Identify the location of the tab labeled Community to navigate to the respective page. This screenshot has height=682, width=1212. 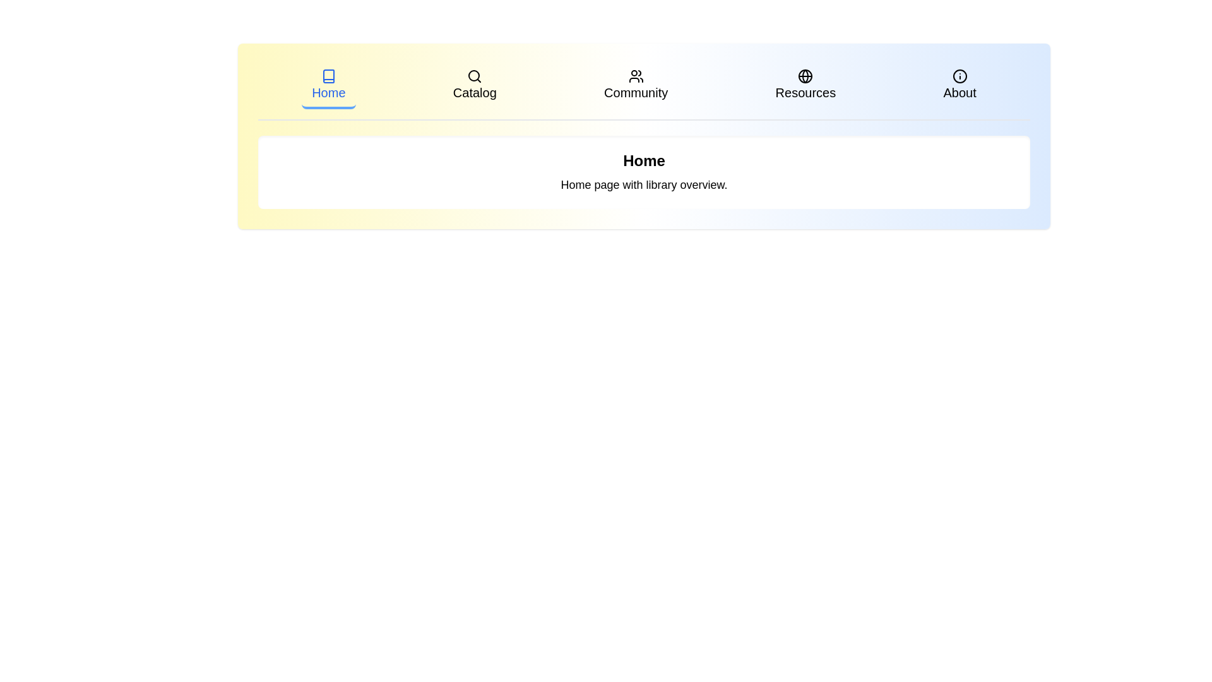
(636, 86).